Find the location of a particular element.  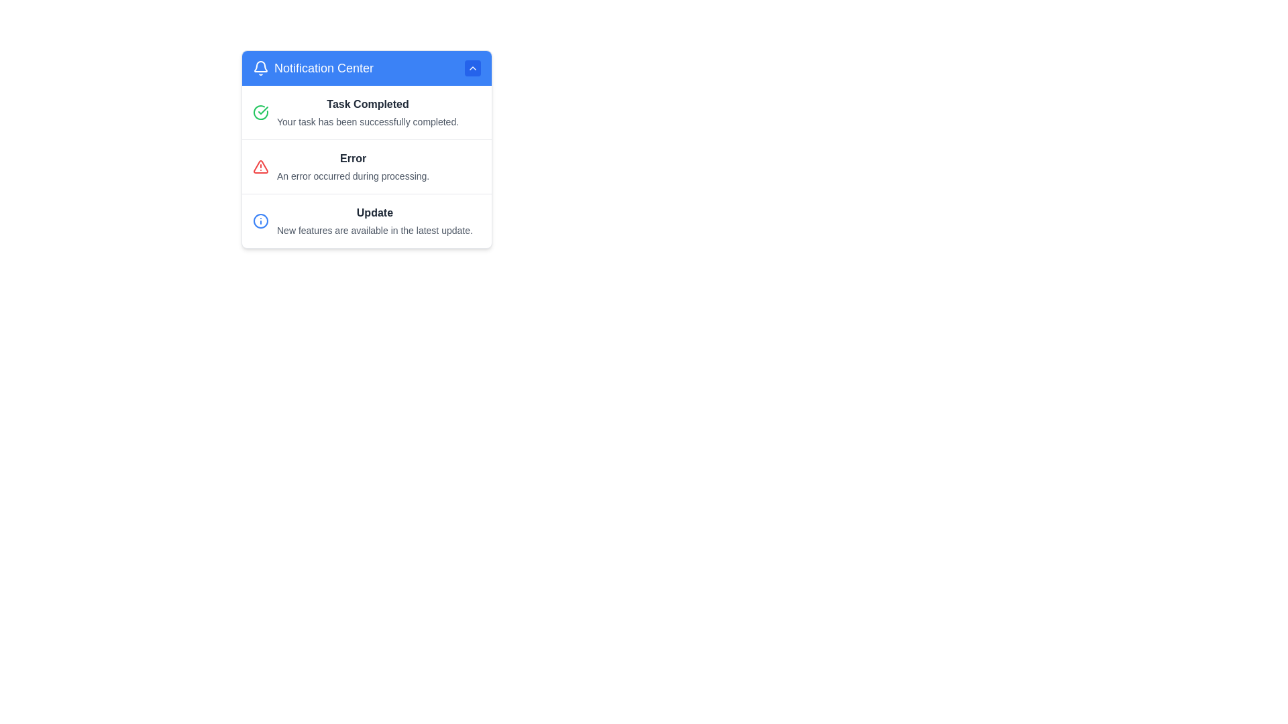

notification titled 'Task Completed' which indicates that the task has been successfully completed, located in the top section of the notification panel is located at coordinates (368, 112).